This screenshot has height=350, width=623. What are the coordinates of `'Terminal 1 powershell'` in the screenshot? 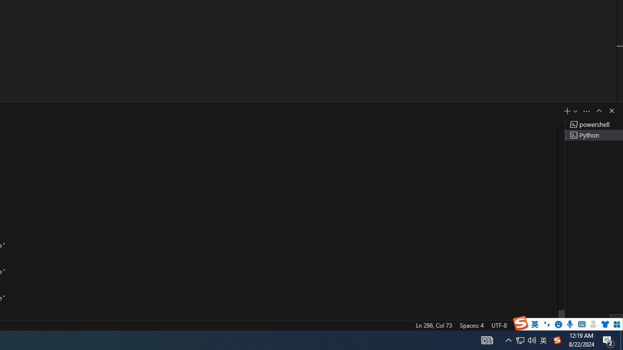 It's located at (593, 123).